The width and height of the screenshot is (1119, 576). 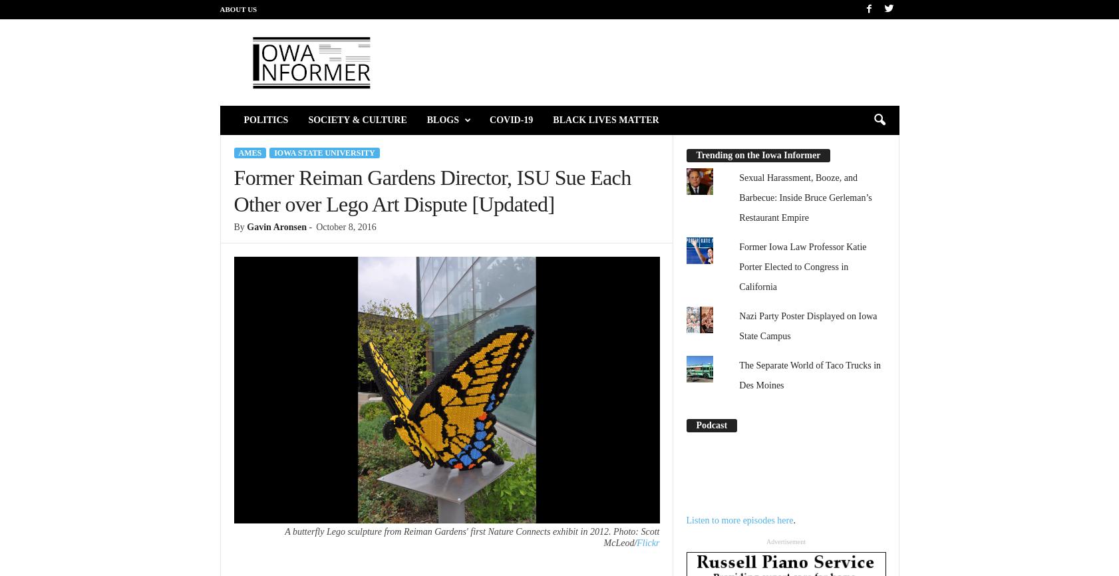 What do you see at coordinates (249, 152) in the screenshot?
I see `'Ames'` at bounding box center [249, 152].